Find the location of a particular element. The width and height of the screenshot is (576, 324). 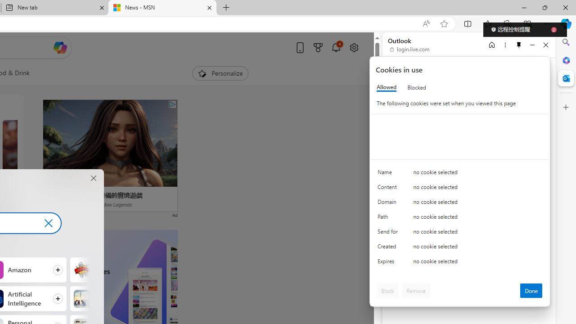

'Ad' is located at coordinates (175, 215).